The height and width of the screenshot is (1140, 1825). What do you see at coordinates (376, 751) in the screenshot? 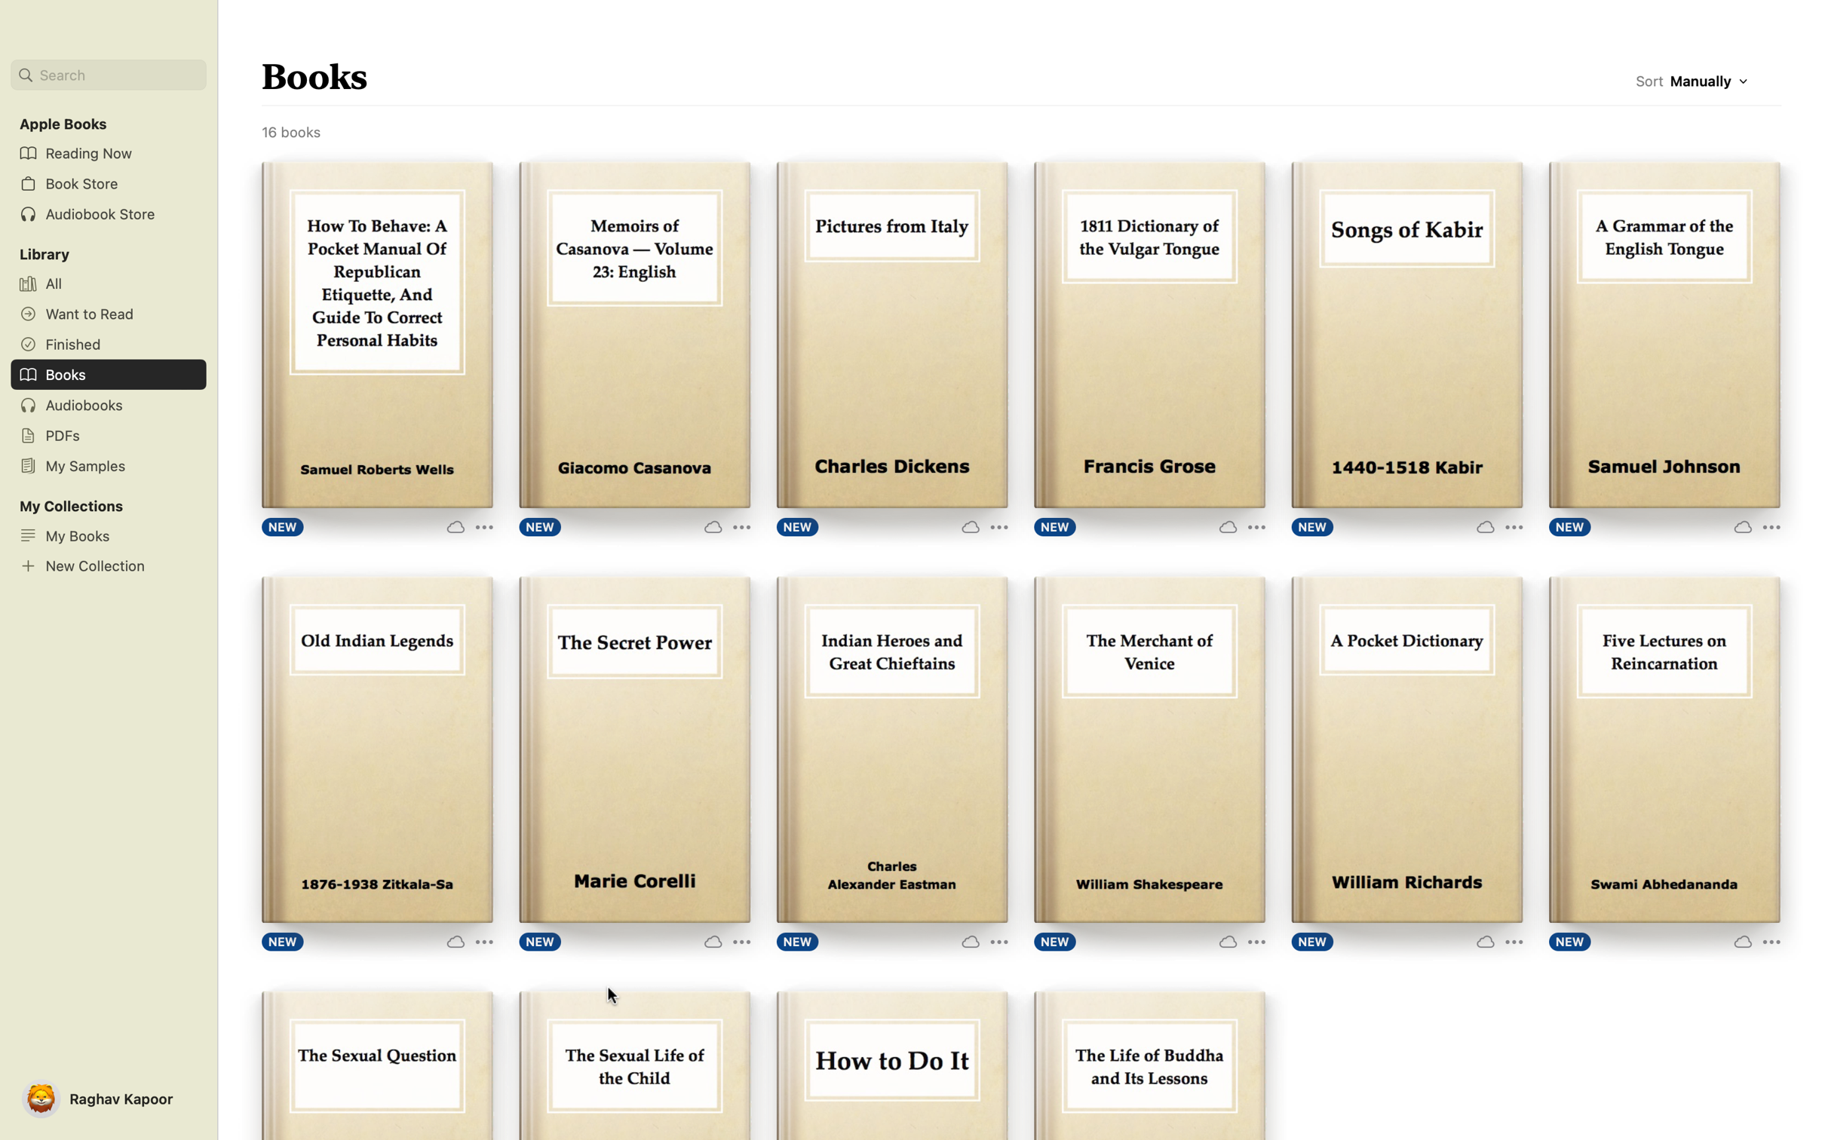
I see `the reading of the book "Old Indian Legends" by clicking on the "Read" button` at bounding box center [376, 751].